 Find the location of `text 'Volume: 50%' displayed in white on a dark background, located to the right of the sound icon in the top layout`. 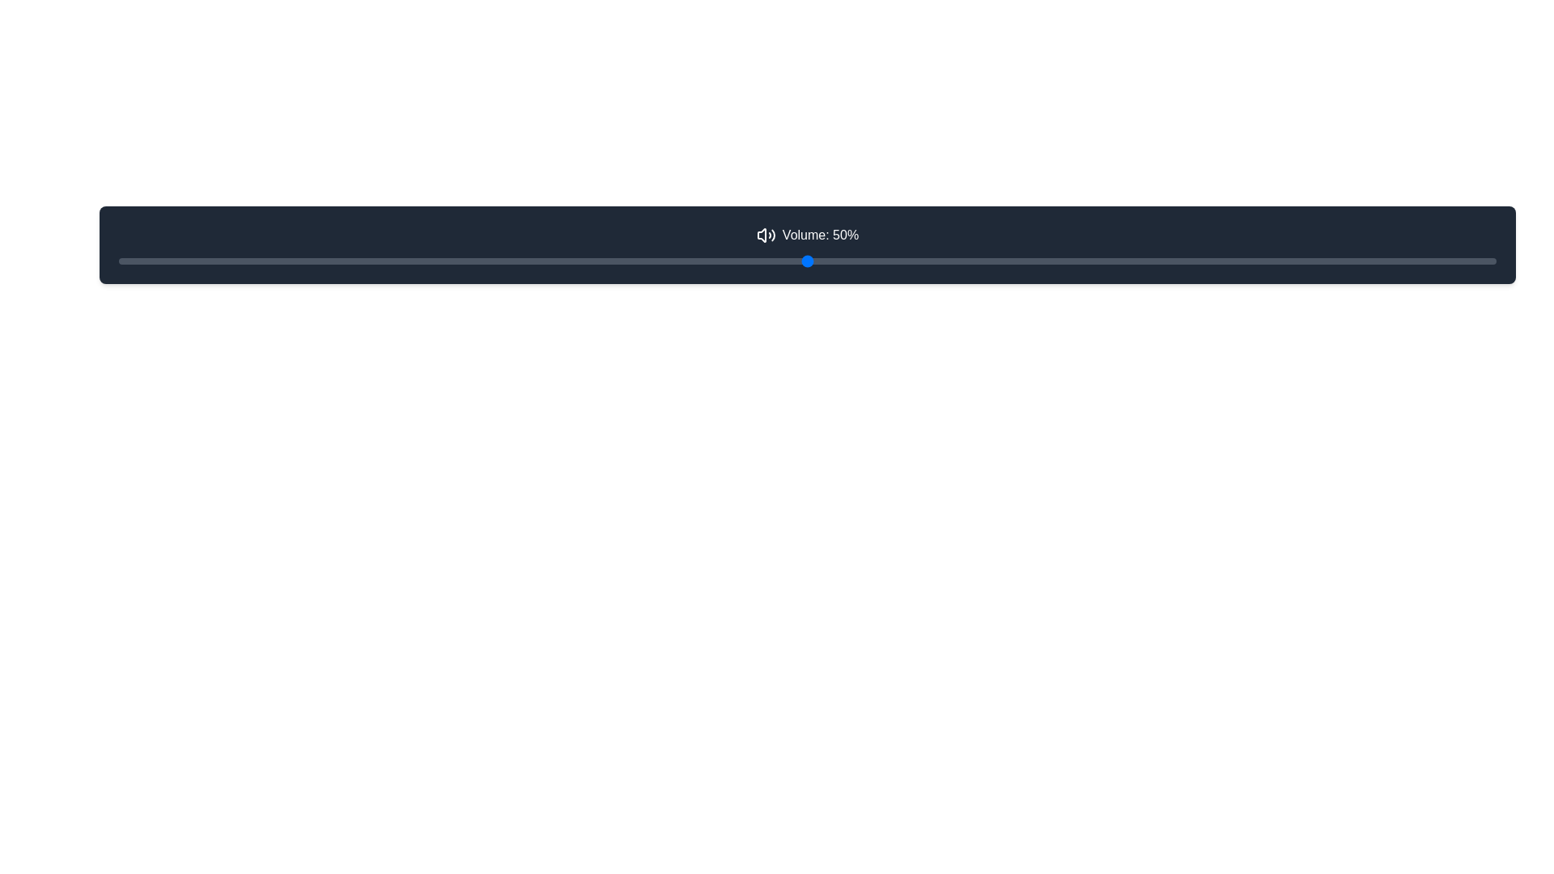

text 'Volume: 50%' displayed in white on a dark background, located to the right of the sound icon in the top layout is located at coordinates (820, 235).